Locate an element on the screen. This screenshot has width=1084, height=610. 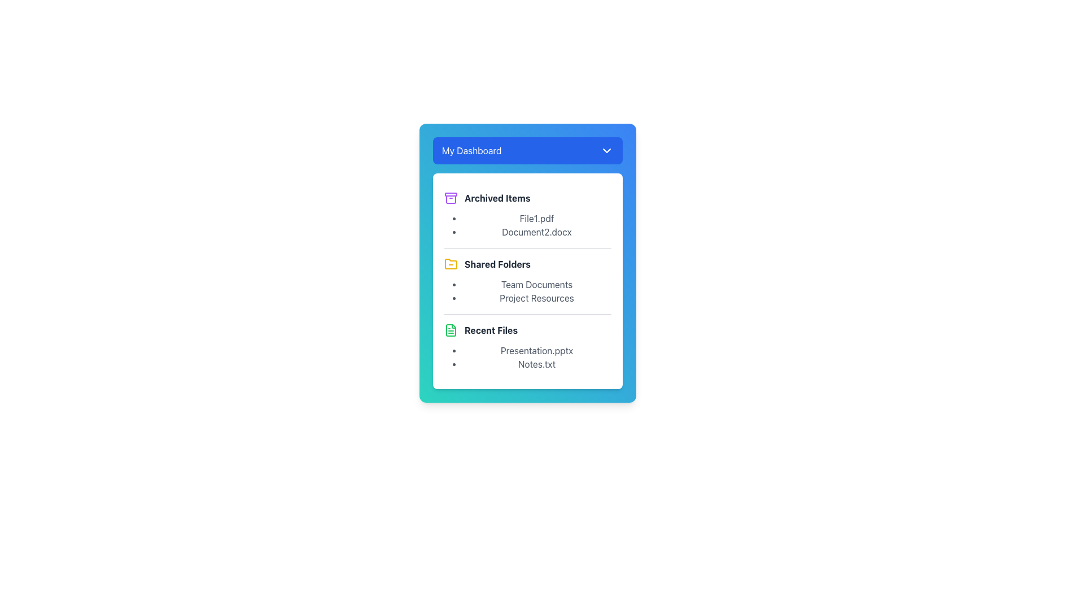
the 'My Dashboard' button located at the top of the card section with a gradient blue-to-teal background is located at coordinates (527, 150).